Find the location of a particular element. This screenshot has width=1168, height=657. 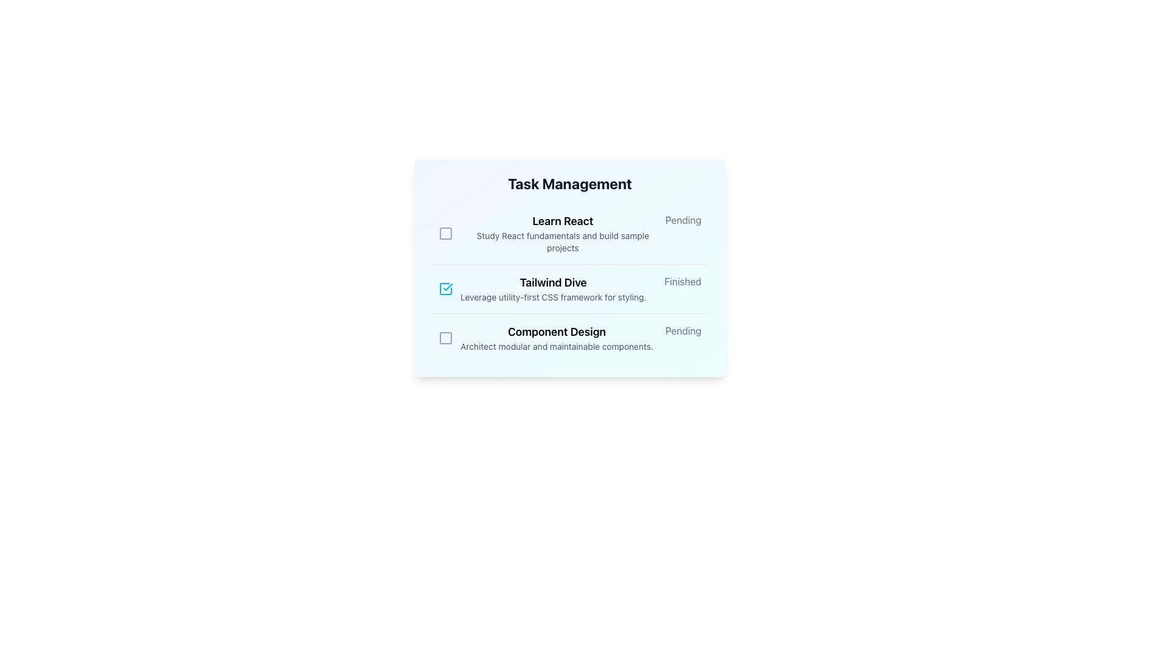

text content of the task item titled 'Component Design' with the description 'Architect modular and maintainable components.' which is the third task item in the list is located at coordinates (556, 338).